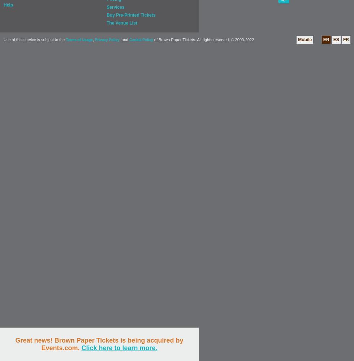 The image size is (354, 361). I want to click on 'ES', so click(333, 39).